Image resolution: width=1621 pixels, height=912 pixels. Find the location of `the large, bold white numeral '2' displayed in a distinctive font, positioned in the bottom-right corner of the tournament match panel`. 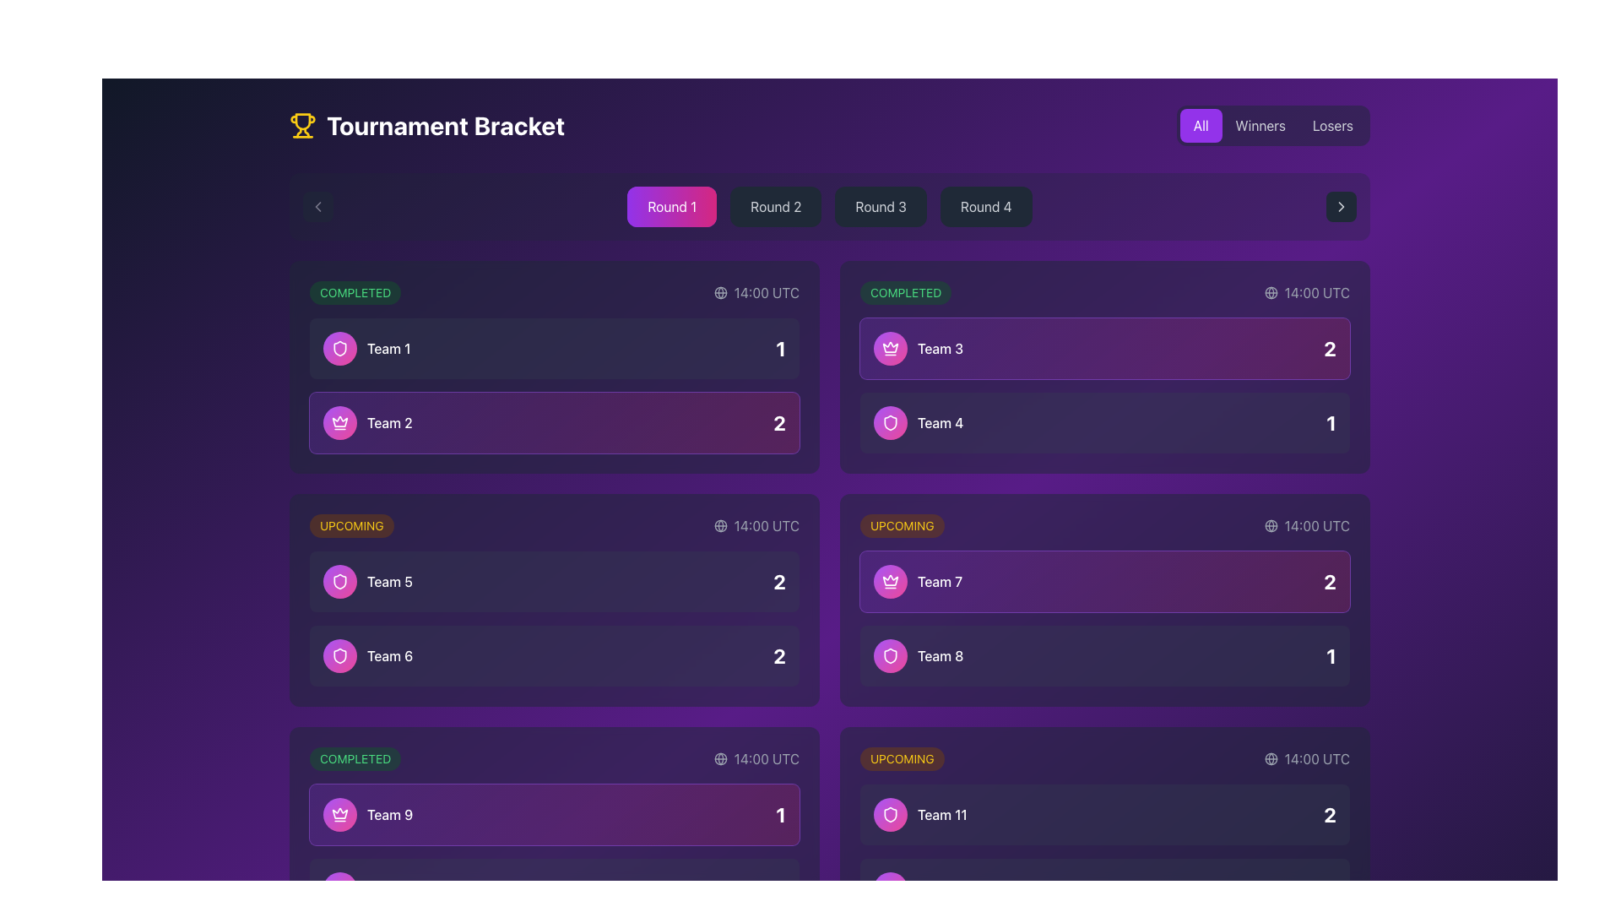

the large, bold white numeral '2' displayed in a distinctive font, positioned in the bottom-right corner of the tournament match panel is located at coordinates (778, 581).